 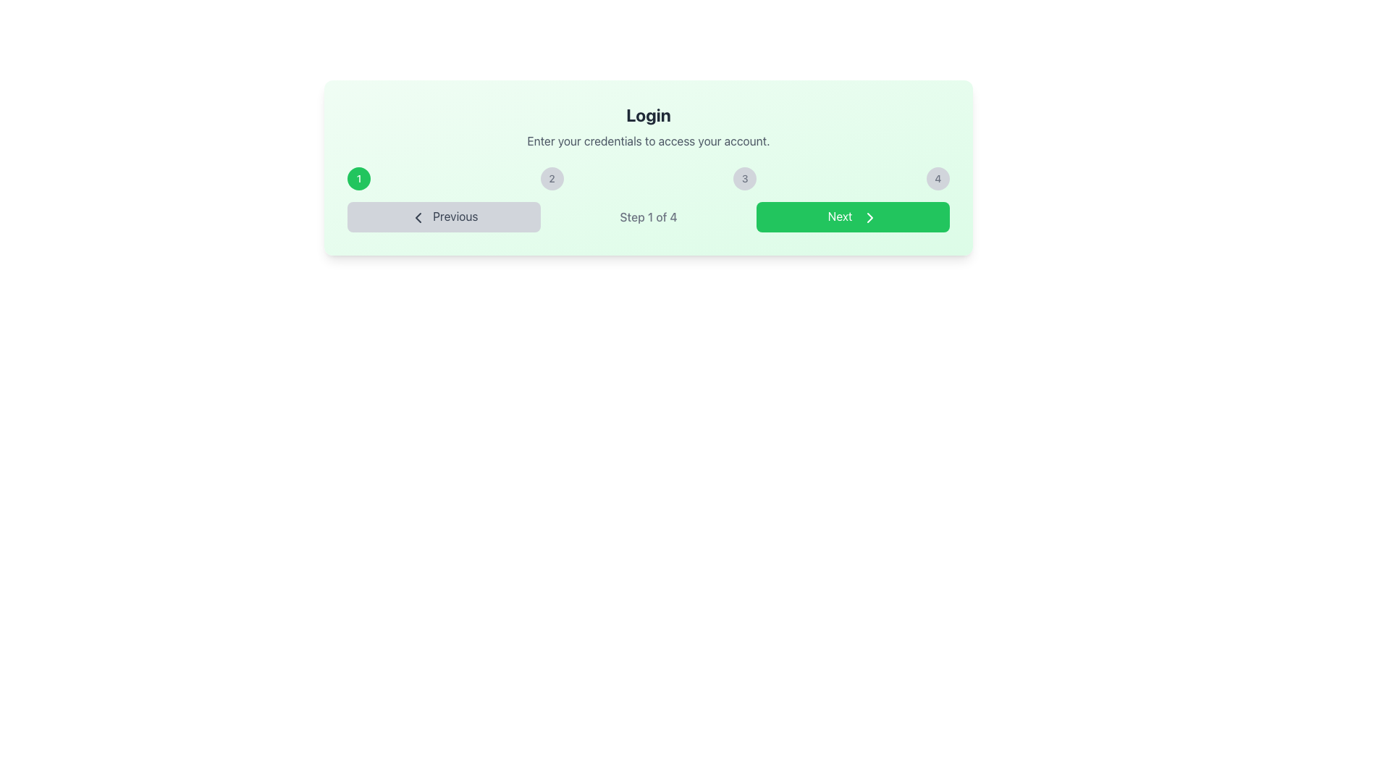 I want to click on current step label from the navigation bar located at the bottom section of the 'Login' card, which indicates the user's current position in the multi-step process, so click(x=648, y=216).